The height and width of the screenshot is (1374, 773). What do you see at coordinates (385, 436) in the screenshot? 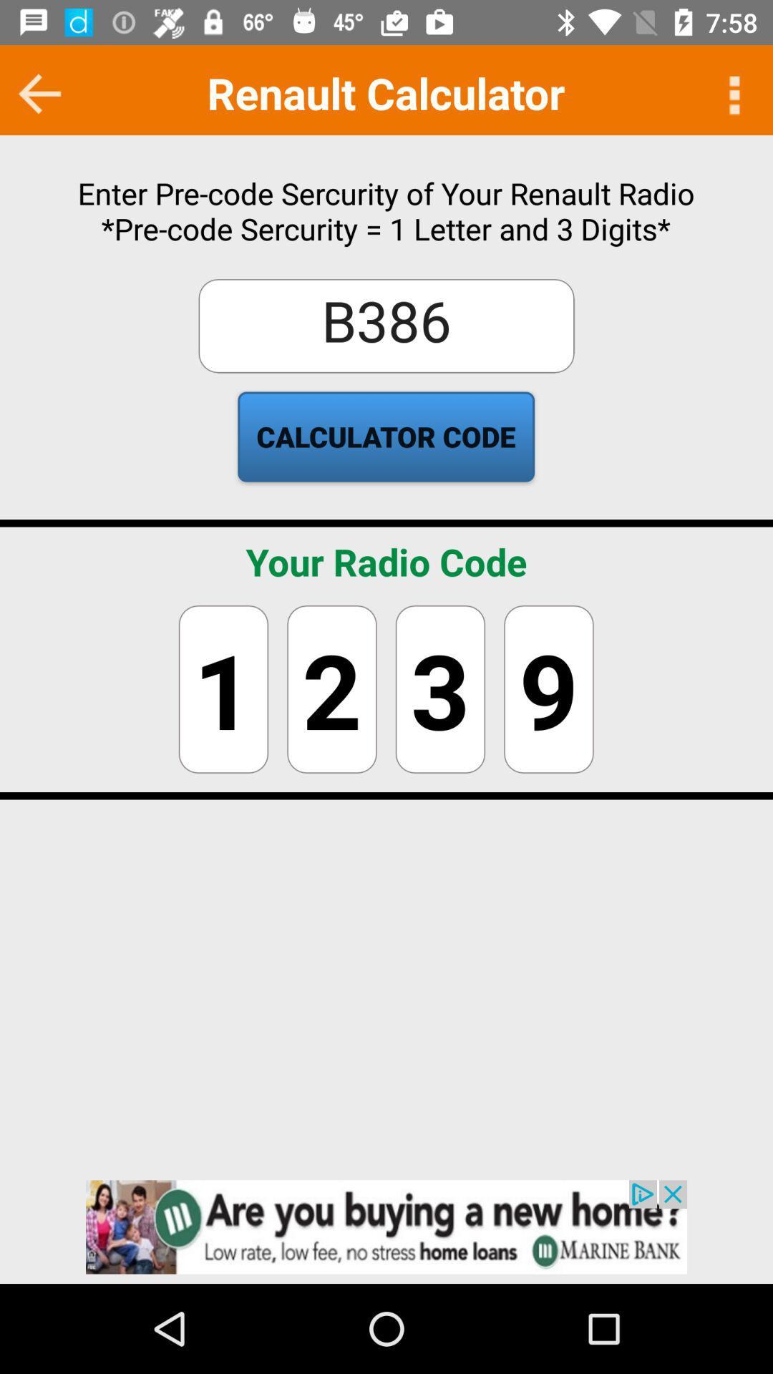
I see `text below b386` at bounding box center [385, 436].